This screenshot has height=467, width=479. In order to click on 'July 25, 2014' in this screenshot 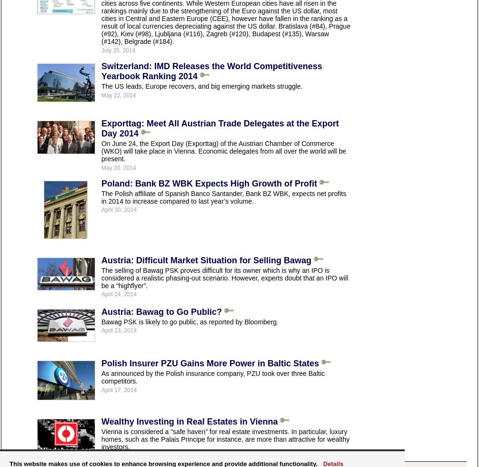, I will do `click(118, 50)`.